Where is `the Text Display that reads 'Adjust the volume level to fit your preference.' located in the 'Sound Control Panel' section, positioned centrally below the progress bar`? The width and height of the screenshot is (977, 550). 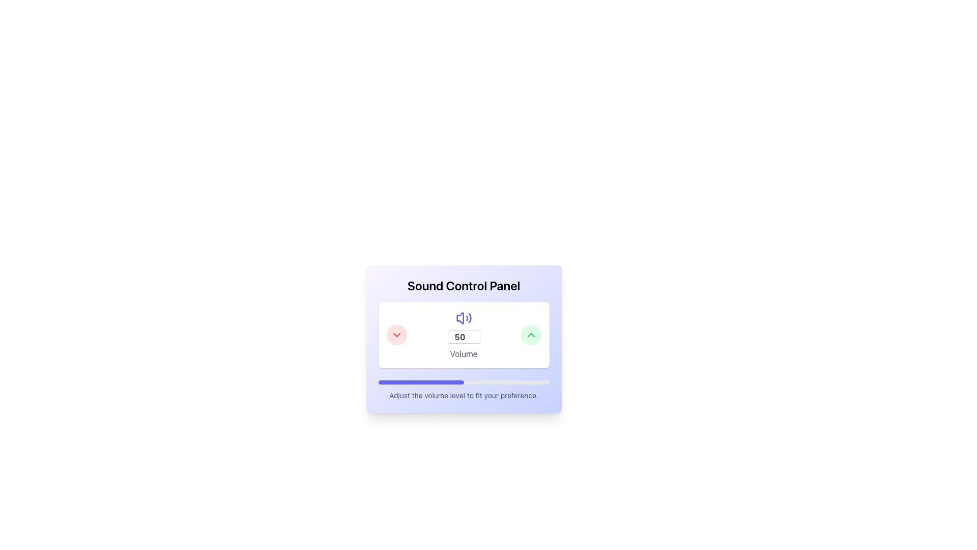
the Text Display that reads 'Adjust the volume level to fit your preference.' located in the 'Sound Control Panel' section, positioned centrally below the progress bar is located at coordinates (463, 395).